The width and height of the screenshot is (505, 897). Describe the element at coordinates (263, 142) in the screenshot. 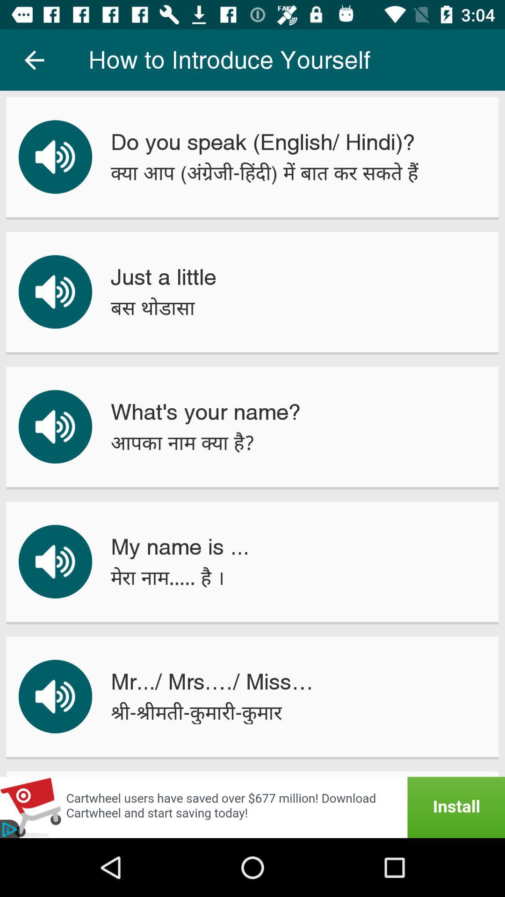

I see `do you speak icon` at that location.